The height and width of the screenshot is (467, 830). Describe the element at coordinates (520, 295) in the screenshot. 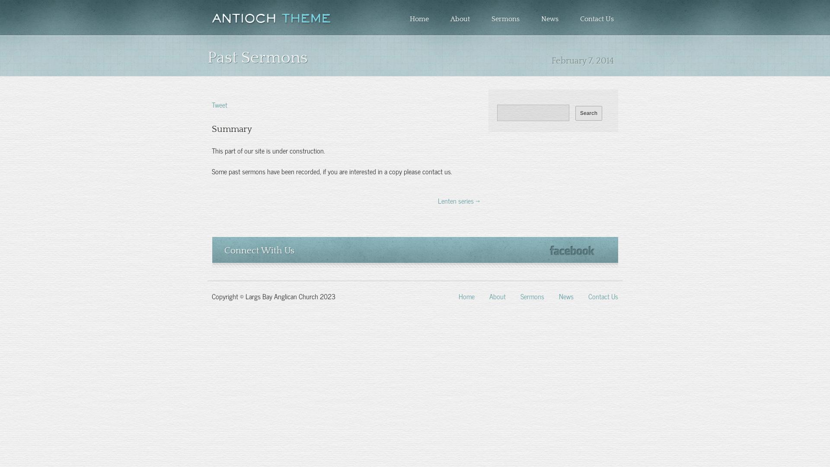

I see `'Sermons'` at that location.